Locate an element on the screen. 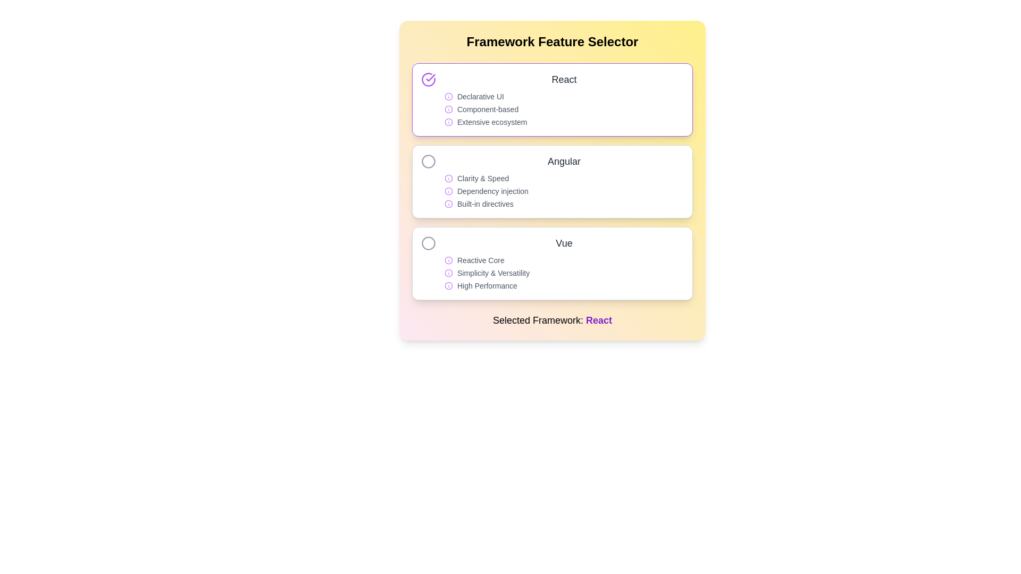 The image size is (1021, 574). the feature selection list for React, Angular, or Vue is located at coordinates (552, 181).